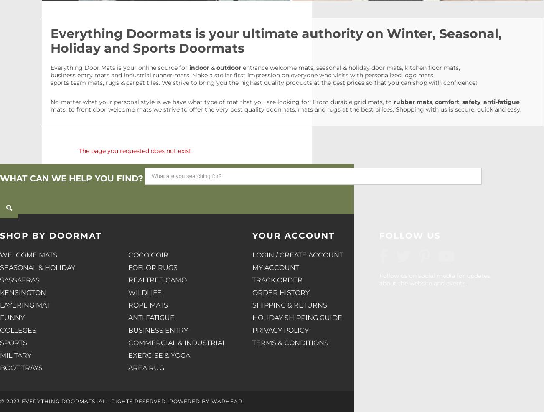 The image size is (544, 412). I want to click on 'sports team mats, rugs & carpet tiles', so click(104, 82).